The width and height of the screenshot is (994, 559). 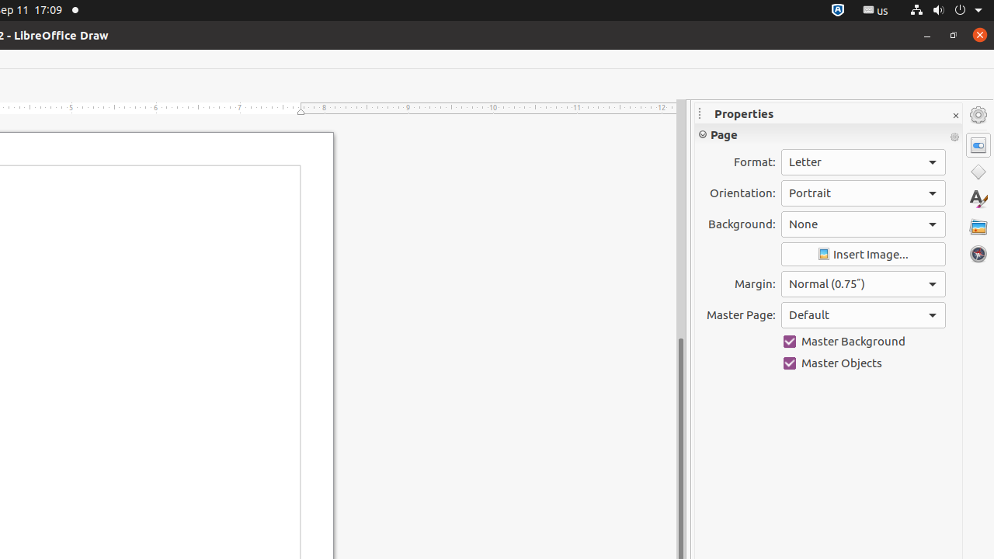 What do you see at coordinates (862, 192) in the screenshot?
I see `'Orientation:'` at bounding box center [862, 192].